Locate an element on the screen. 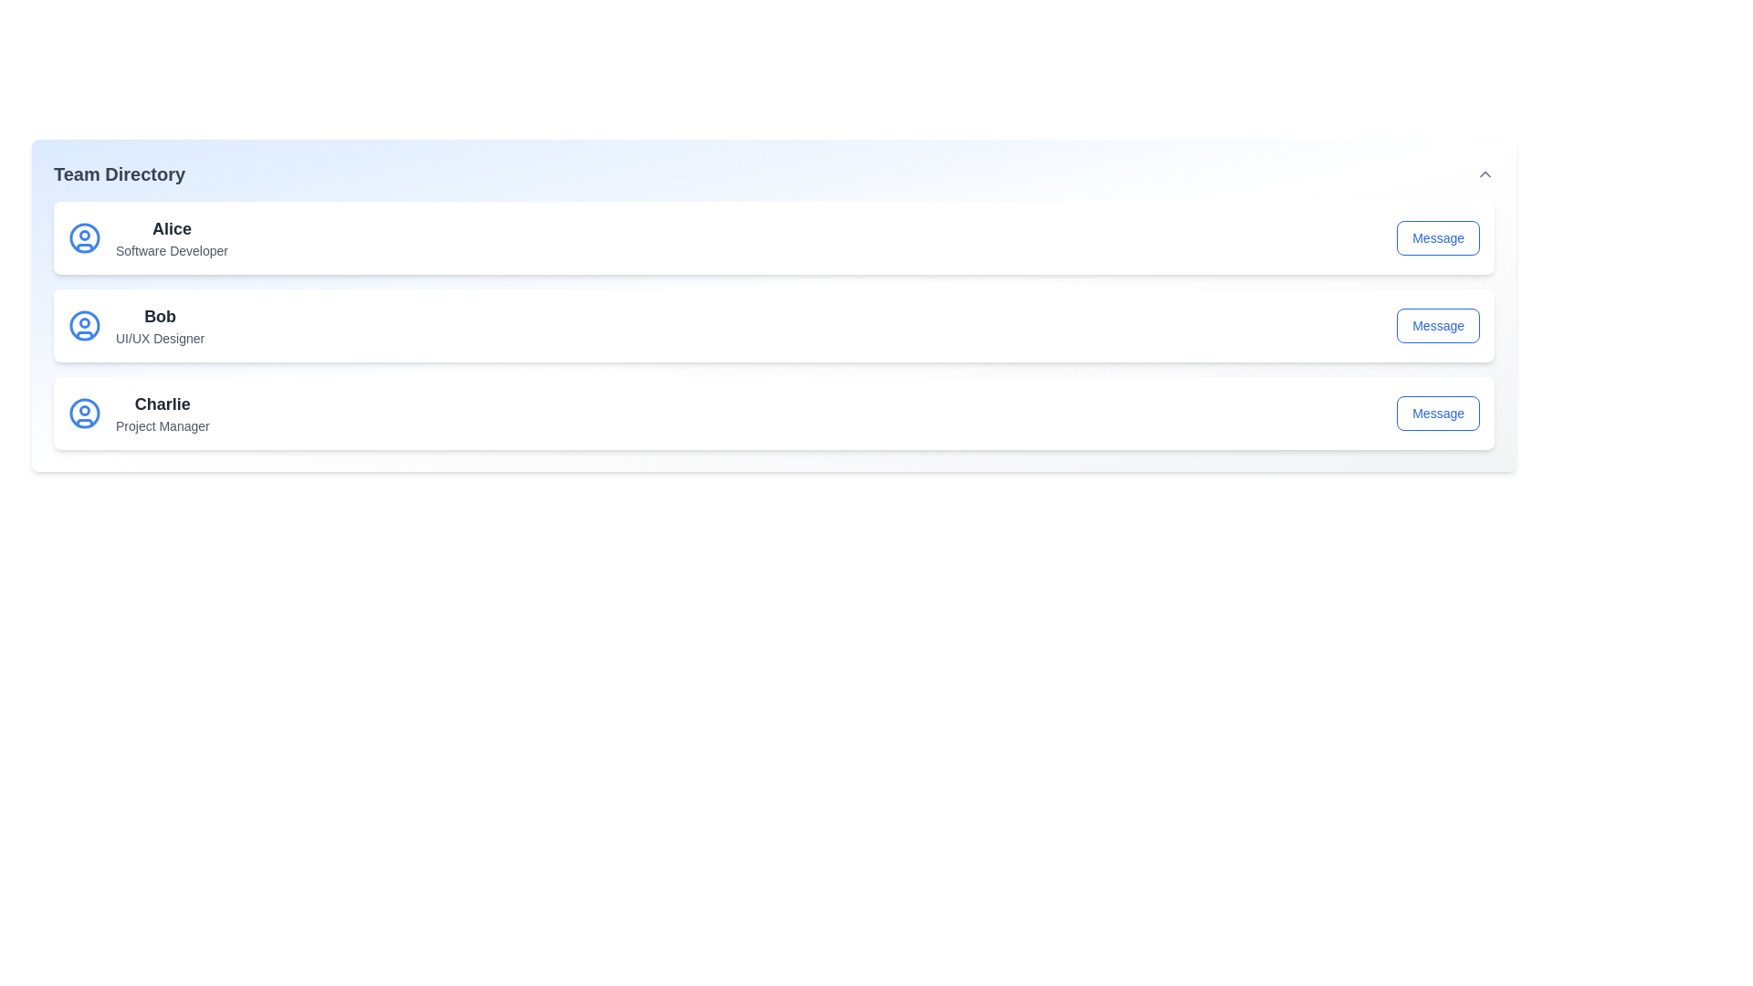 Image resolution: width=1753 pixels, height=986 pixels. the text block displaying 'Bob' in bold and 'UI/UX Designer' in a smaller font, which is the second profile entry in the list is located at coordinates (160, 325).